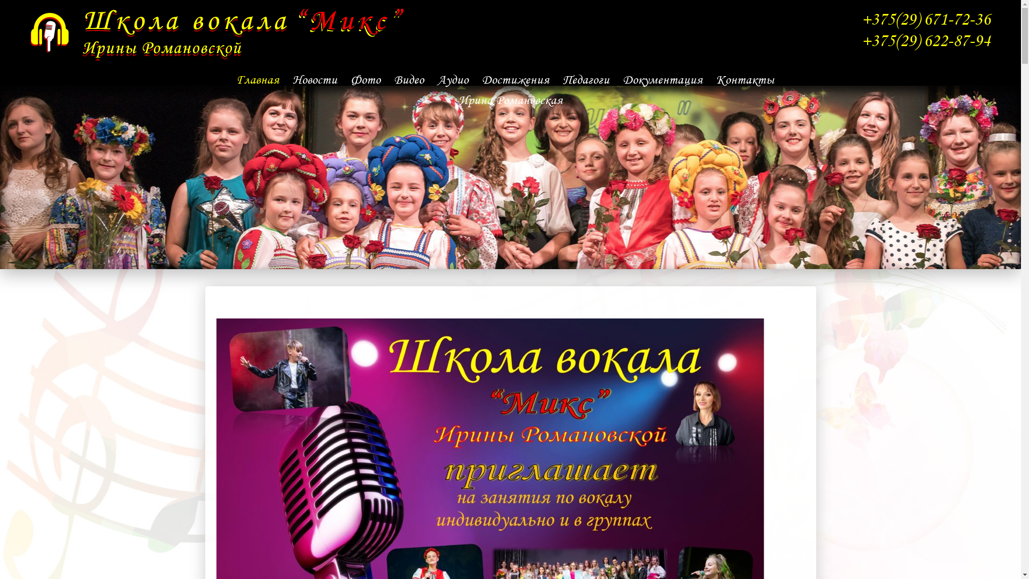  Describe the element at coordinates (925, 40) in the screenshot. I see `'+375(29) 622-87-94'` at that location.